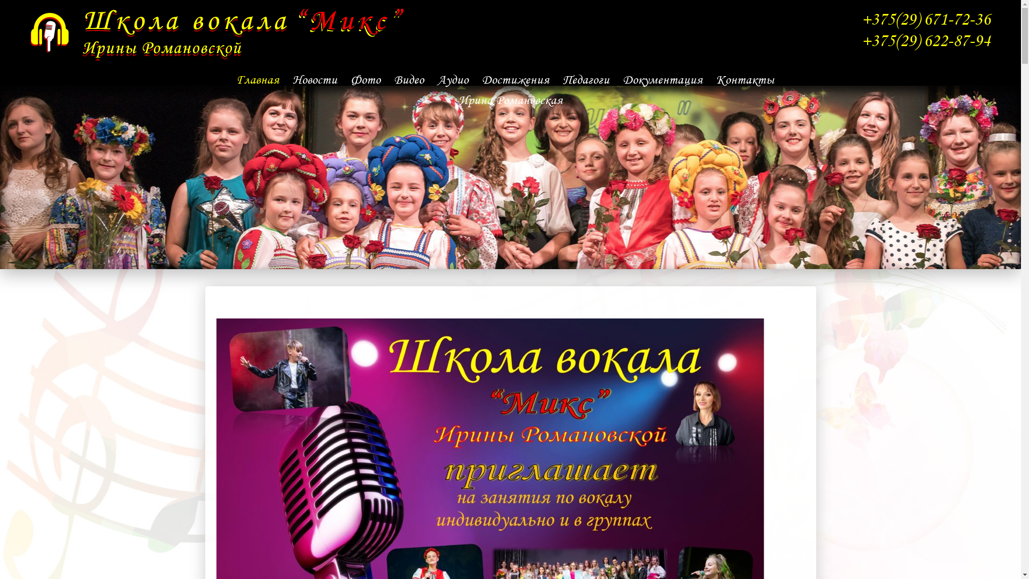  Describe the element at coordinates (925, 40) in the screenshot. I see `'+375(29) 622-87-94'` at that location.